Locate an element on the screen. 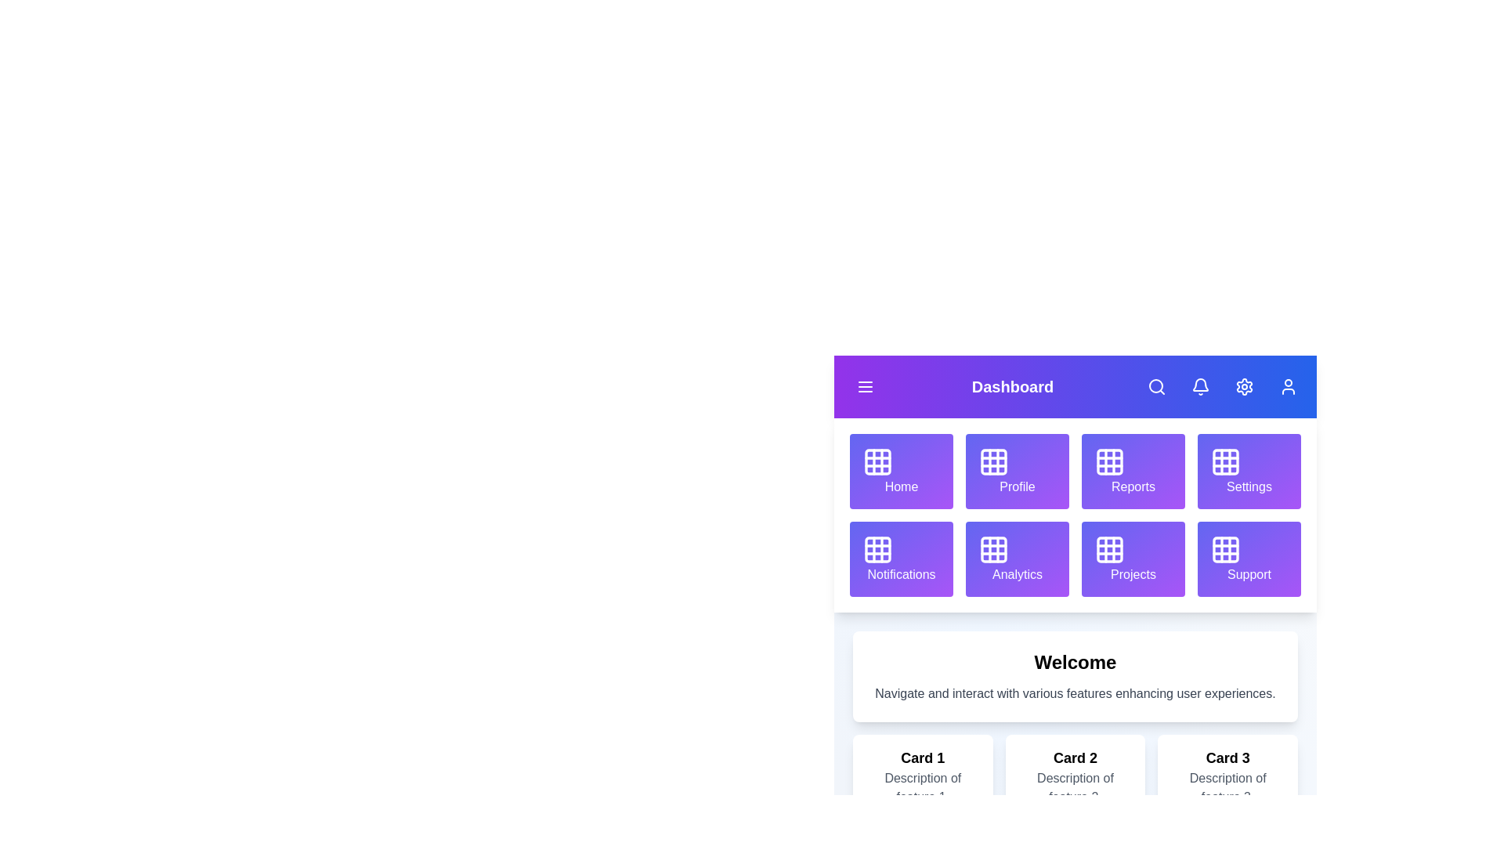 Image resolution: width=1504 pixels, height=846 pixels. the grid item labeled Notifications to navigate to its section is located at coordinates (902, 558).